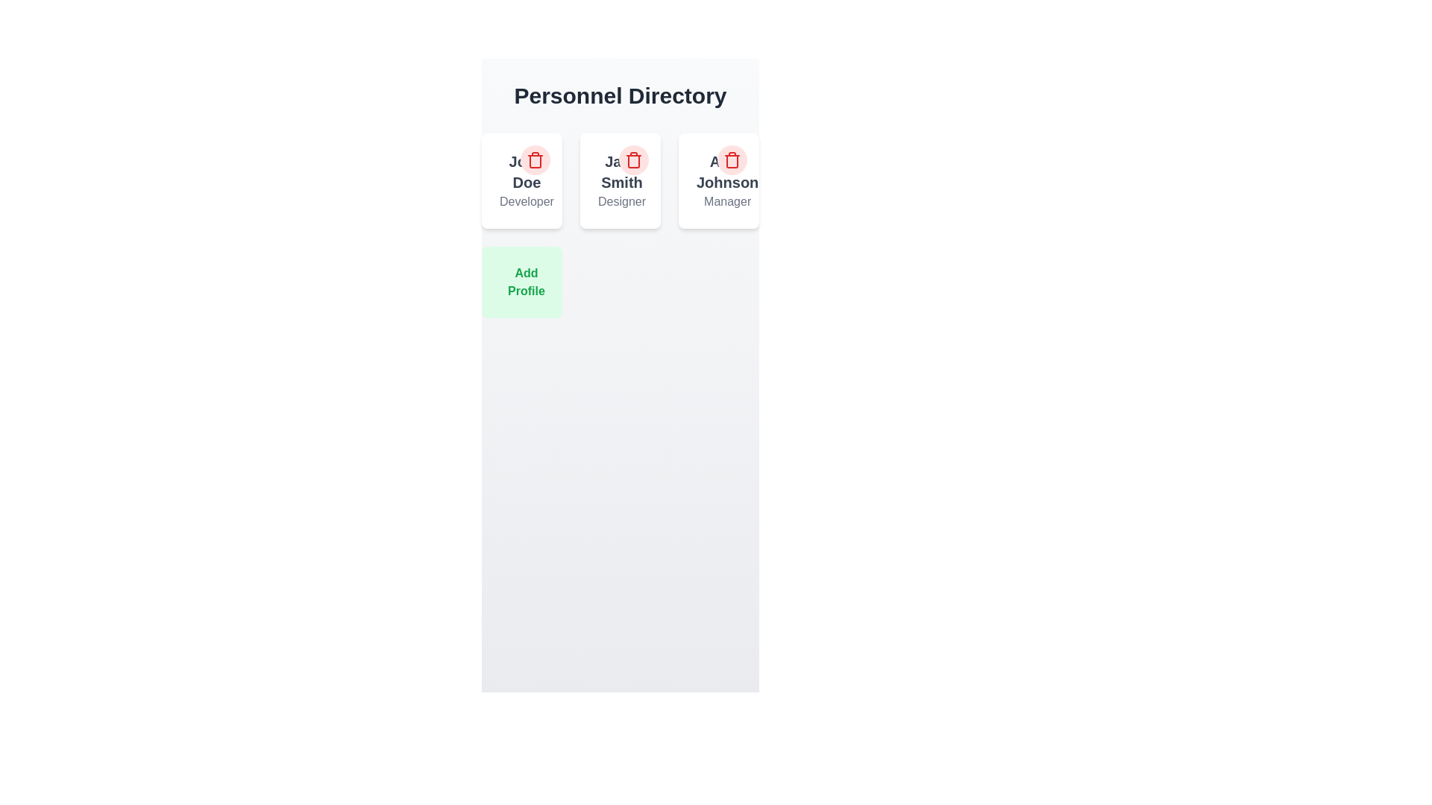 This screenshot has width=1432, height=805. I want to click on the delete icon button located at the top-right corner of the 'A Johnson Manager' profile card, so click(732, 160).